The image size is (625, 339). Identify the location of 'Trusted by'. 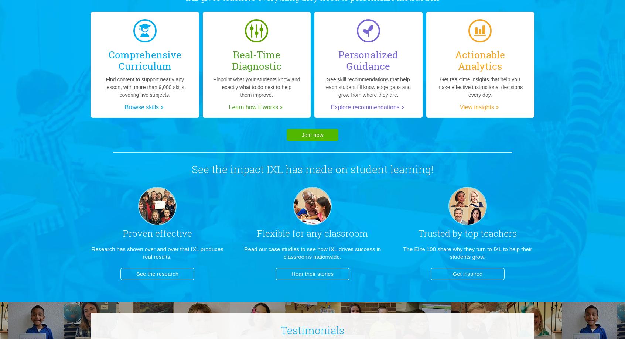
(440, 233).